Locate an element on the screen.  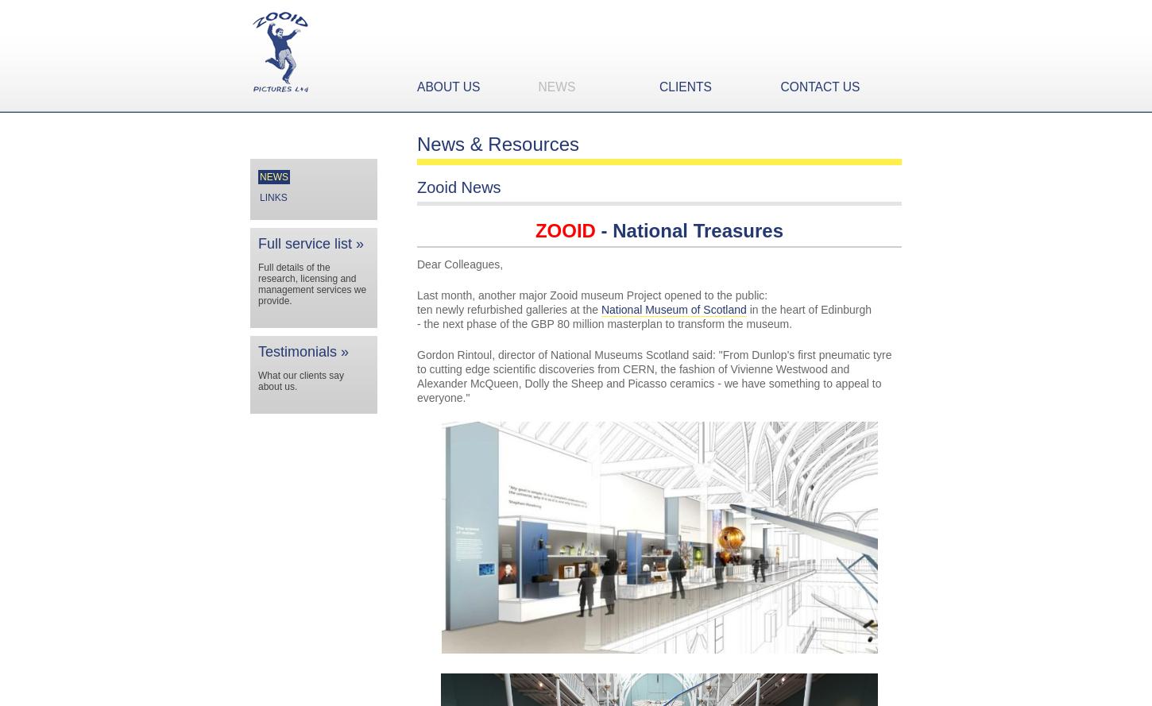
'News' is located at coordinates (259, 176).